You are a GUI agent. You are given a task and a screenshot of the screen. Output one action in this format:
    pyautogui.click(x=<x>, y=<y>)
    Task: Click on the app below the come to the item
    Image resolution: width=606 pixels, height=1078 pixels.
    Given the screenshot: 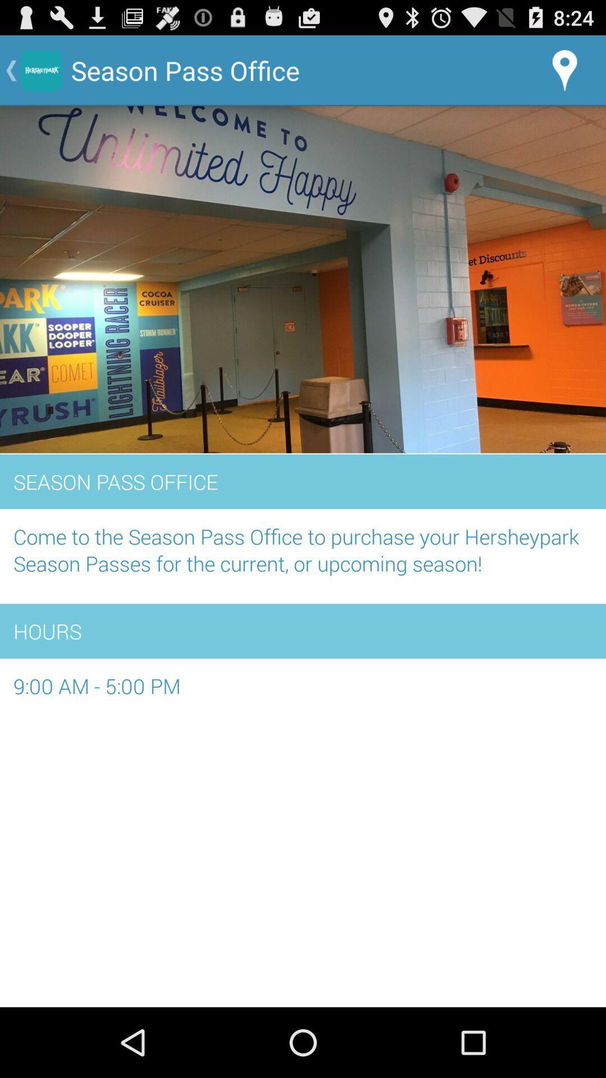 What is the action you would take?
    pyautogui.click(x=303, y=631)
    